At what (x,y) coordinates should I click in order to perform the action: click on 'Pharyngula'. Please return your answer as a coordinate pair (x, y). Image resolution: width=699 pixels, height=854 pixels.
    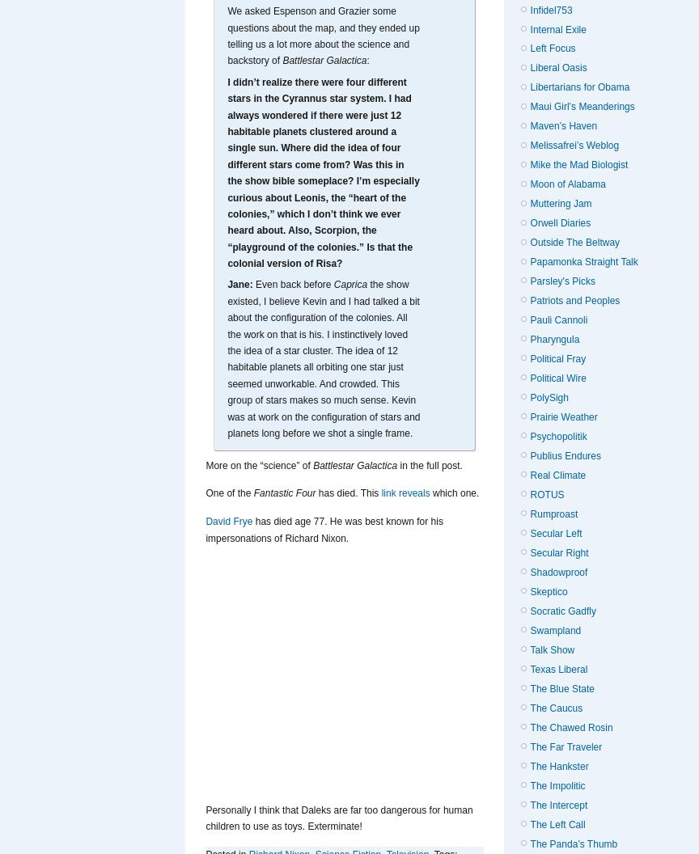
    Looking at the image, I should click on (554, 339).